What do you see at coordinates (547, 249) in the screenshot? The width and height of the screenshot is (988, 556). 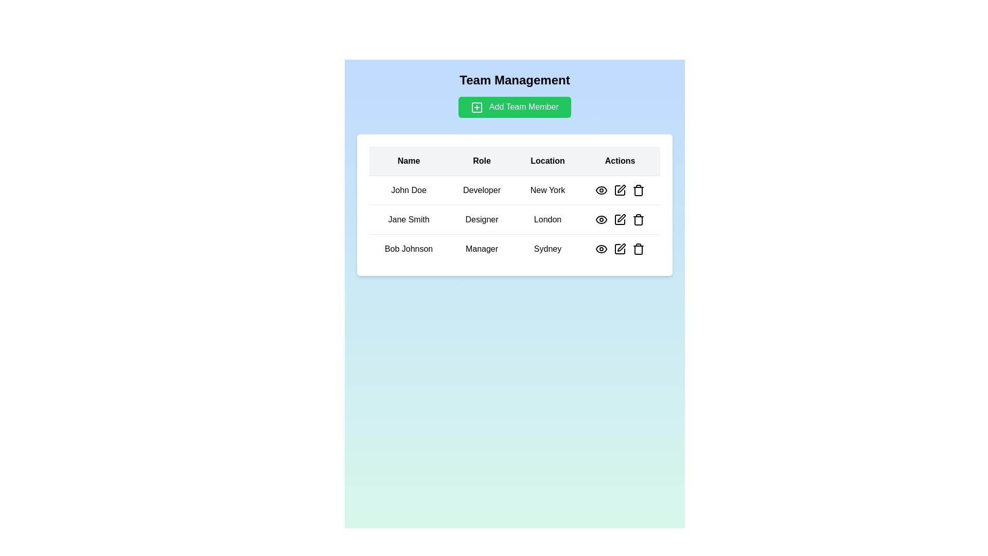 I see `the text label 'Sydney' located in the 'Location' column of the table, which is under the row labeled 'Bob Johnson, Manager'` at bounding box center [547, 249].